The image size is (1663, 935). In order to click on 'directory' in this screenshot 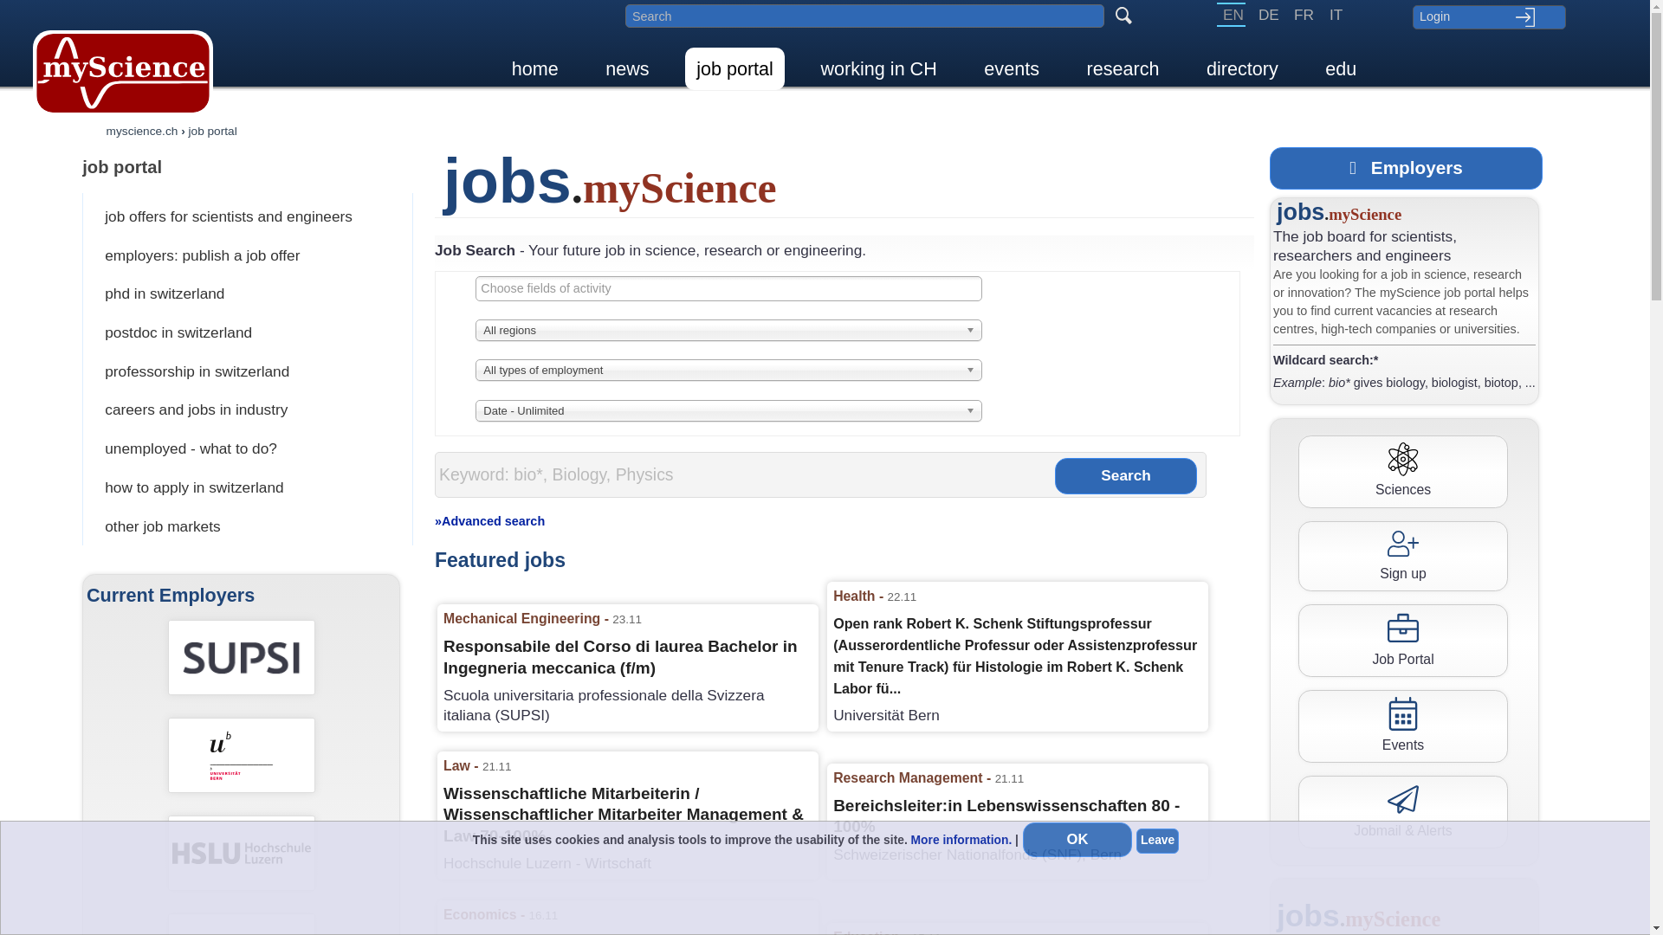, I will do `click(1241, 68)`.